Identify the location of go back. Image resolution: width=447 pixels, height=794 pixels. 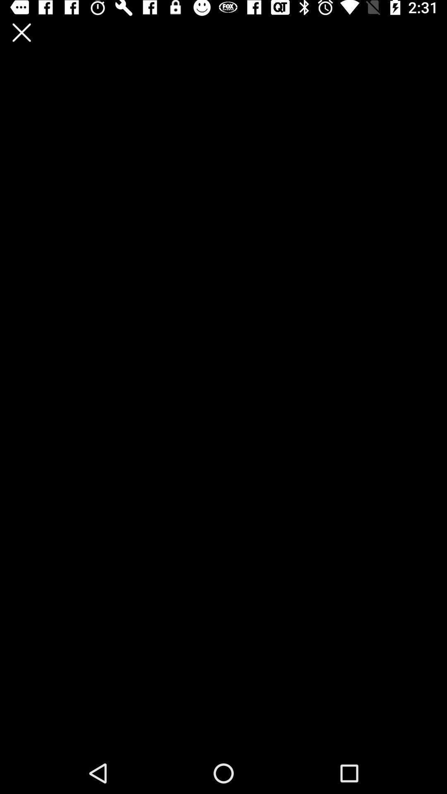
(21, 32).